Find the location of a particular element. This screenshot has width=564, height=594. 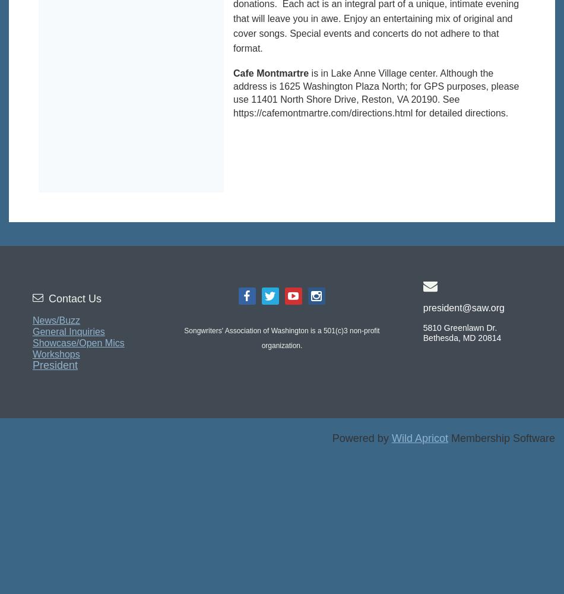

'Cafe Montmartre' is located at coordinates (270, 72).